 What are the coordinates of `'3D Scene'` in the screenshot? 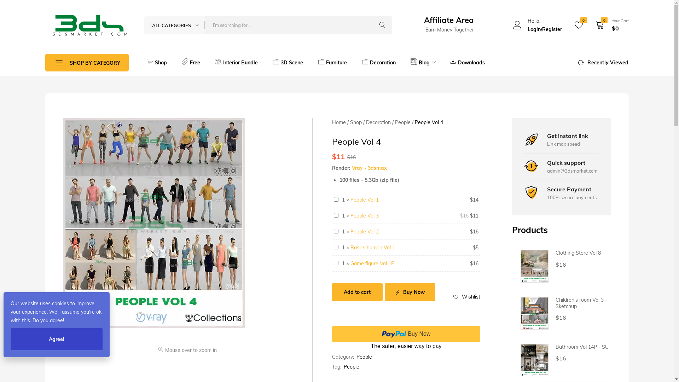 It's located at (265, 62).